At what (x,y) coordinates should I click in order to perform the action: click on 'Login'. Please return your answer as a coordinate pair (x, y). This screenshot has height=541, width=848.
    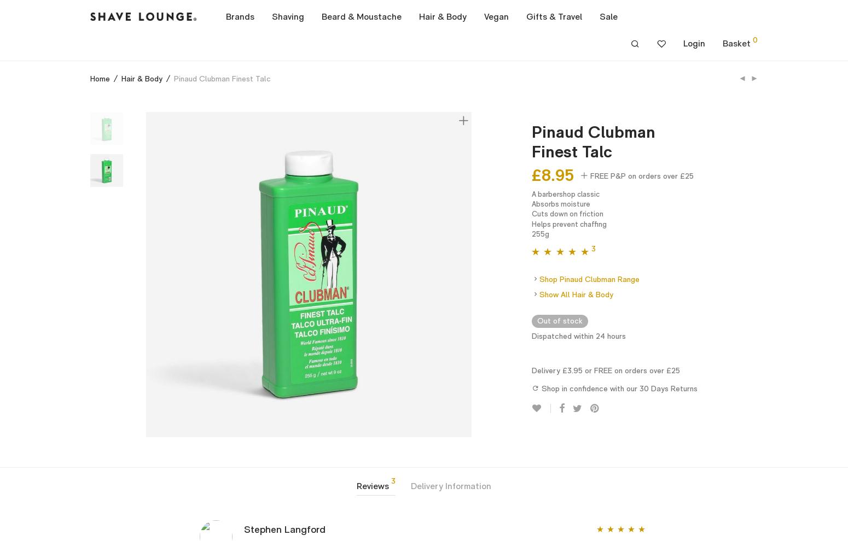
    Looking at the image, I should click on (693, 43).